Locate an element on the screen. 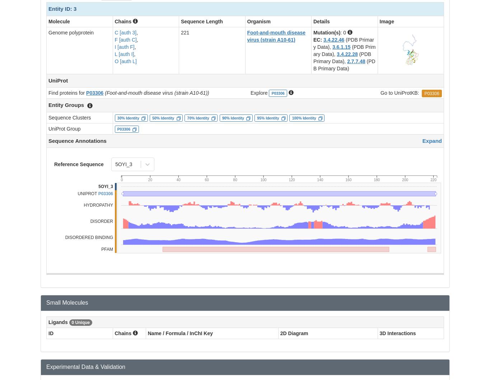 This screenshot has height=380, width=495. 'UniProt Group' is located at coordinates (64, 128).